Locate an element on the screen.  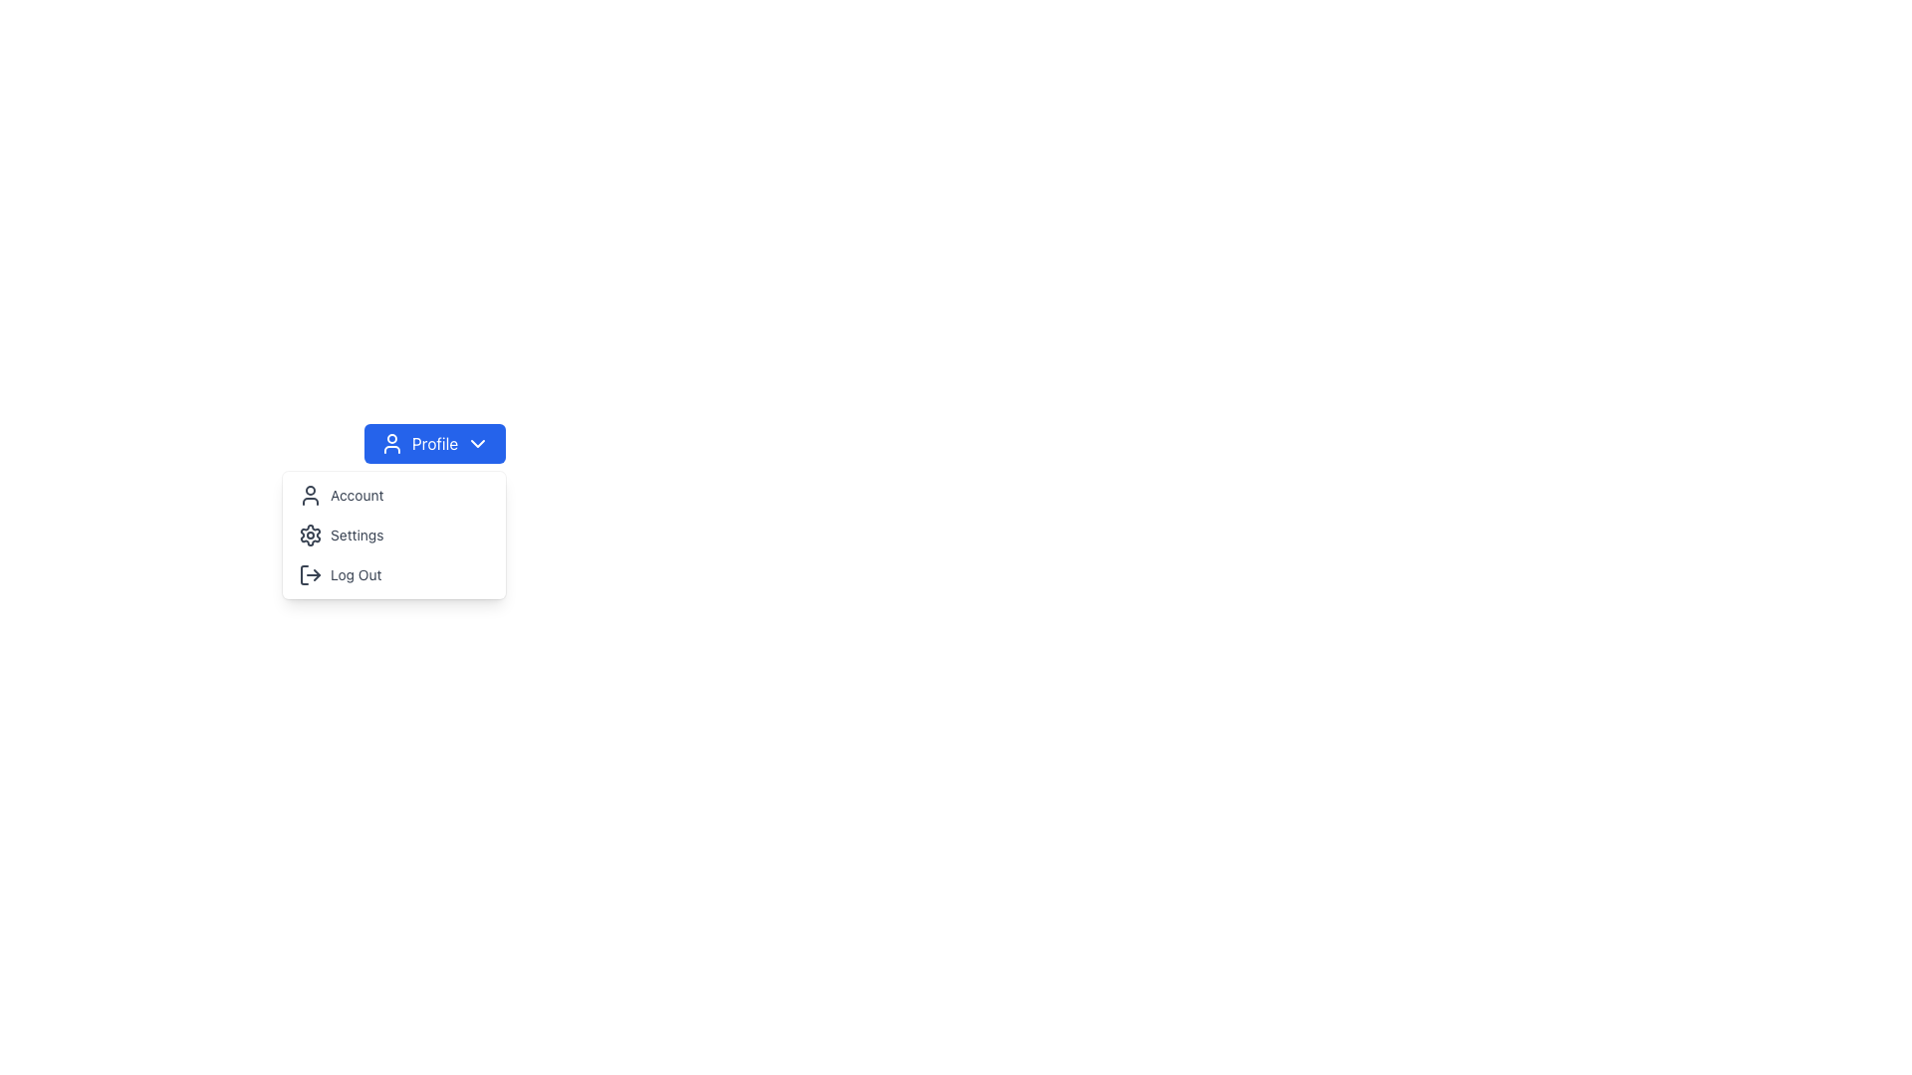
the logout icon located to the left of the 'Log Out' text in the dropdown menu that appears after clicking the 'Profile' button to initiate logout is located at coordinates (310, 575).